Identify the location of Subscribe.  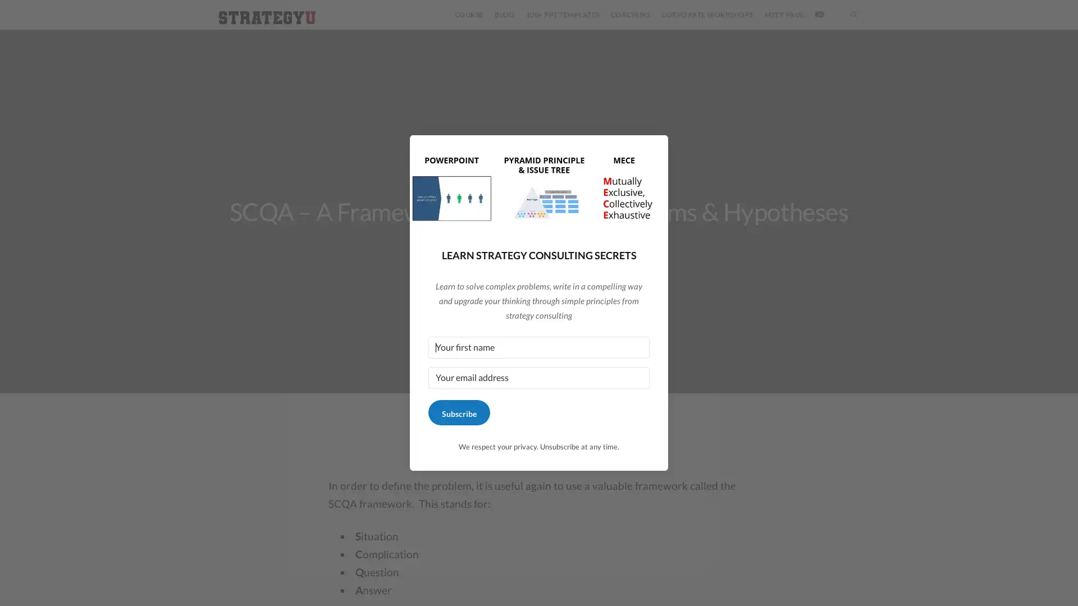
(458, 412).